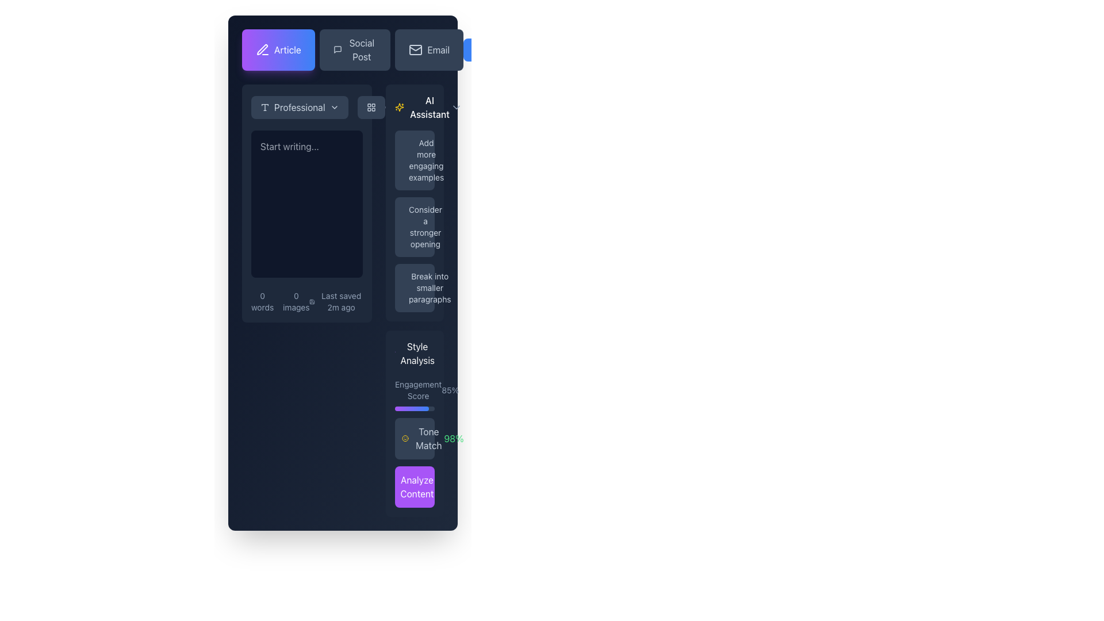 This screenshot has width=1104, height=621. Describe the element at coordinates (414, 487) in the screenshot. I see `the button located at the bottom-right corner of the panel under the 'Style Analysis' section, which triggers hover effects` at that location.